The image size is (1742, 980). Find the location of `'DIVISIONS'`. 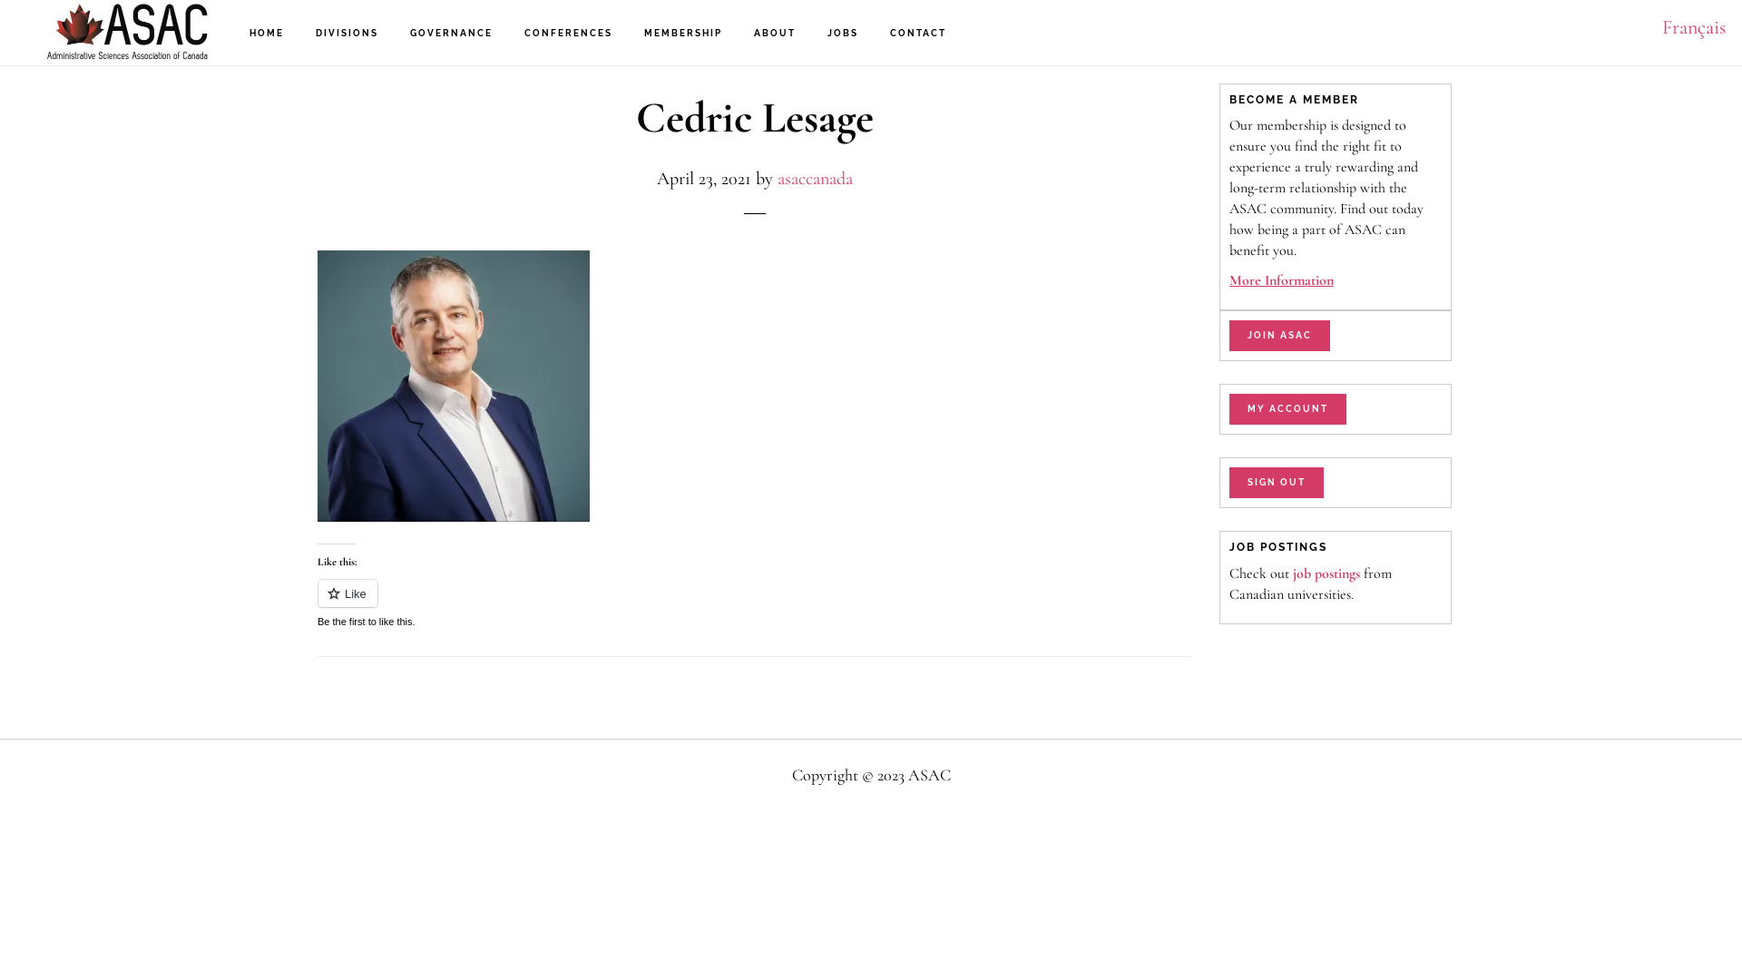

'DIVISIONS' is located at coordinates (301, 34).